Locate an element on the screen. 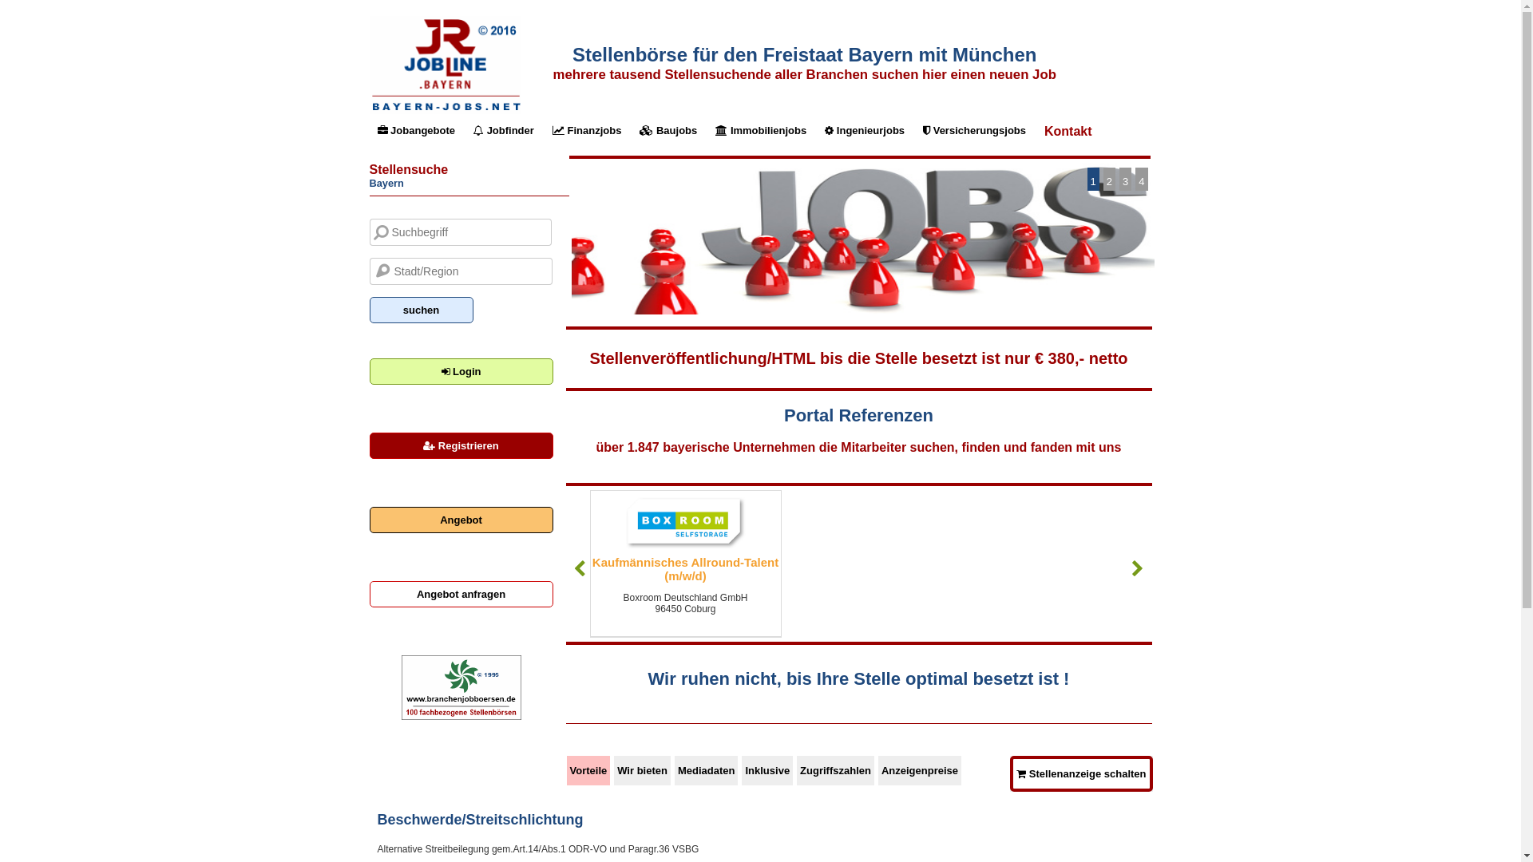 This screenshot has width=1533, height=862. 'Kontakt' is located at coordinates (1070, 131).